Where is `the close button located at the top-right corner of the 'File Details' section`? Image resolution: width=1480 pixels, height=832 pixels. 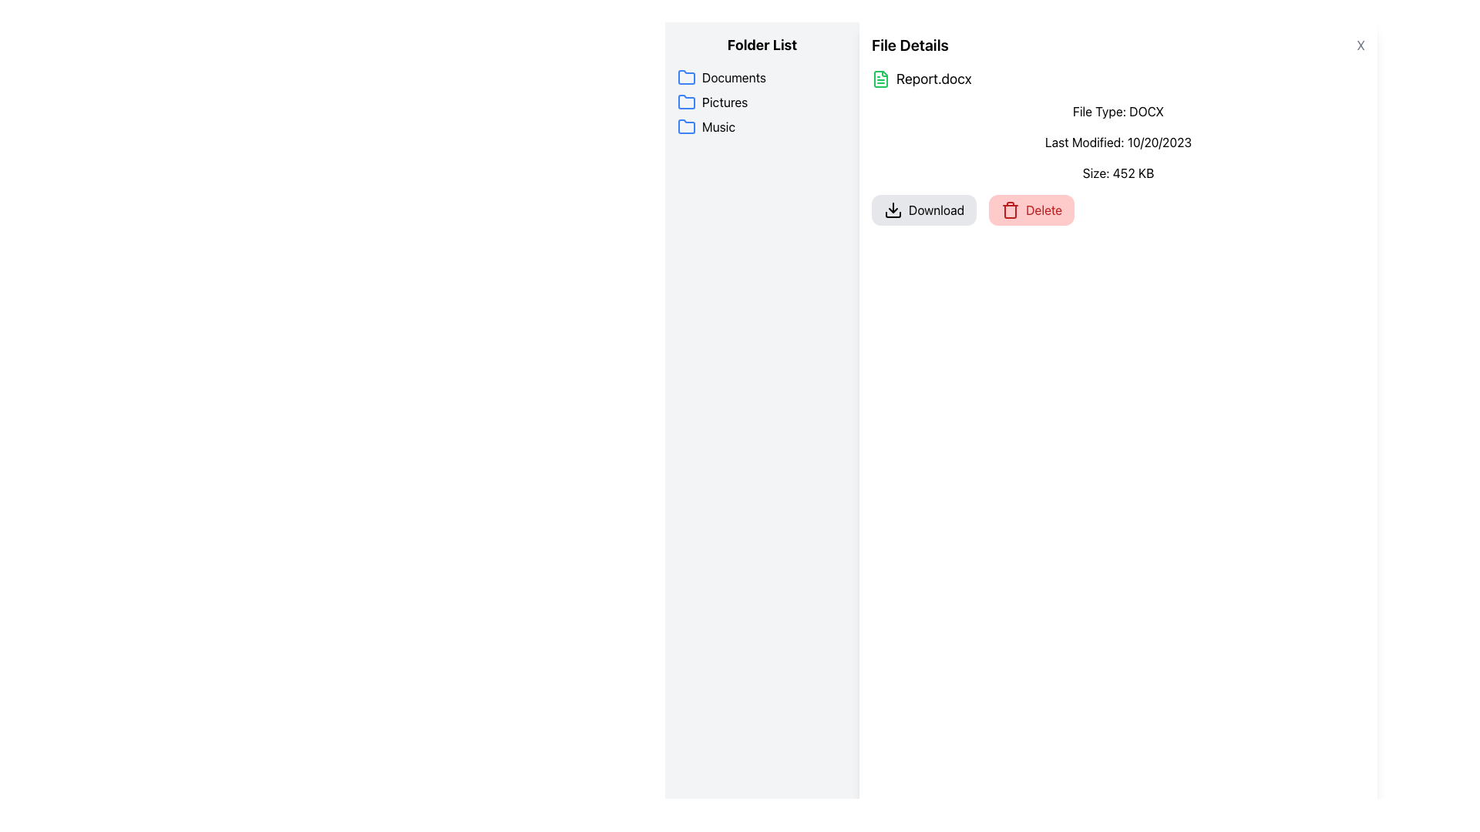 the close button located at the top-right corner of the 'File Details' section is located at coordinates (1361, 44).